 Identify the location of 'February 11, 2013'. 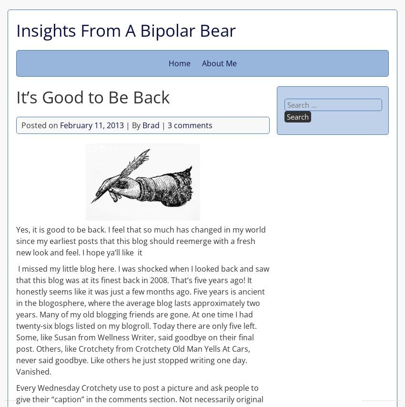
(91, 125).